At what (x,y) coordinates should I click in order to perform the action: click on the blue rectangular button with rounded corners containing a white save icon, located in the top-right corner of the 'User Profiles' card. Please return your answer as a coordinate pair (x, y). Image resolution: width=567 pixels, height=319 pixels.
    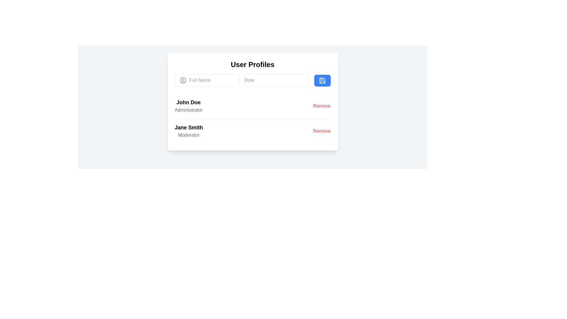
    Looking at the image, I should click on (322, 81).